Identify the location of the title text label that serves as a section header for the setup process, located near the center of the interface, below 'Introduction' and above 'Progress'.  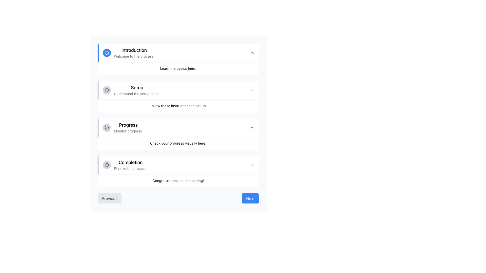
(137, 87).